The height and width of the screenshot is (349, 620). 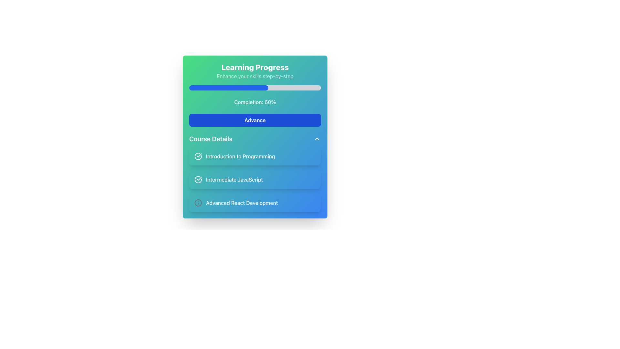 I want to click on SVG Circle Element located near the text 'Advanced React Development', which is styled with a stroke and no fill, and appears as part of an icon, so click(x=198, y=203).